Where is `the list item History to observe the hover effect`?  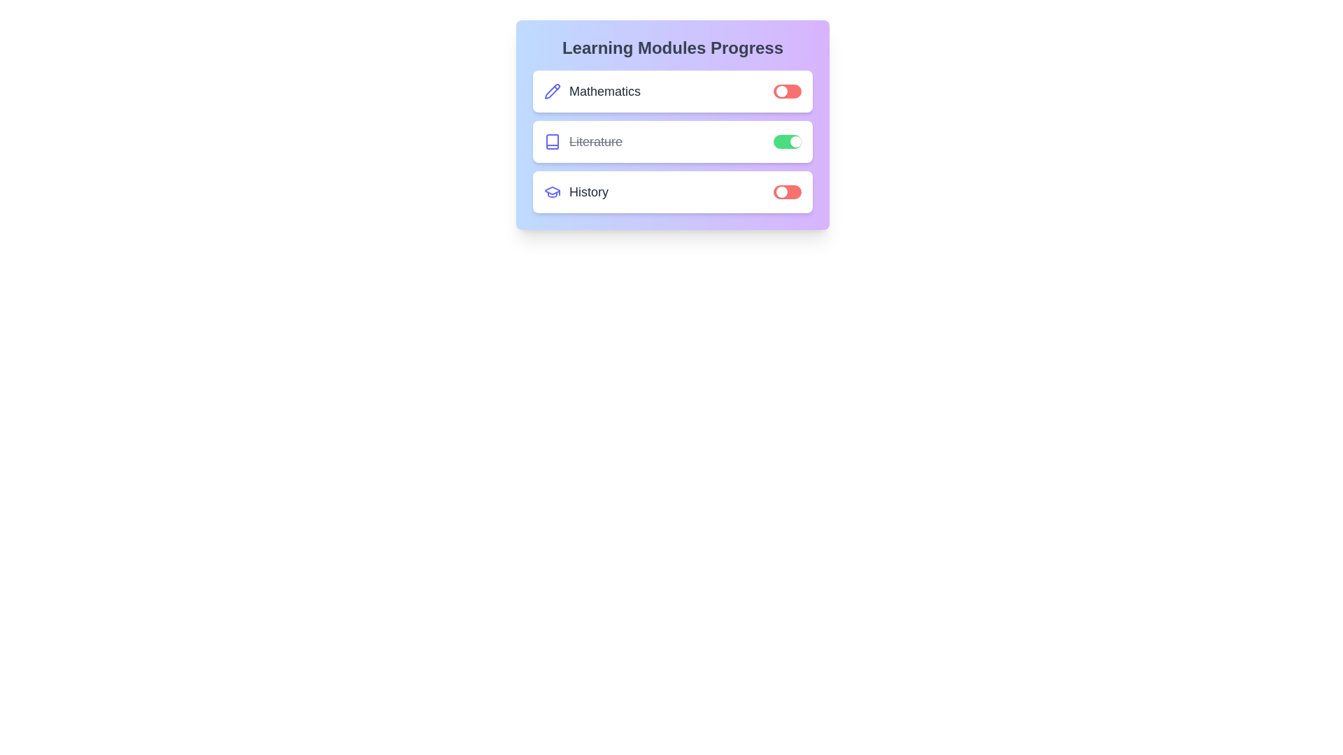 the list item History to observe the hover effect is located at coordinates (672, 192).